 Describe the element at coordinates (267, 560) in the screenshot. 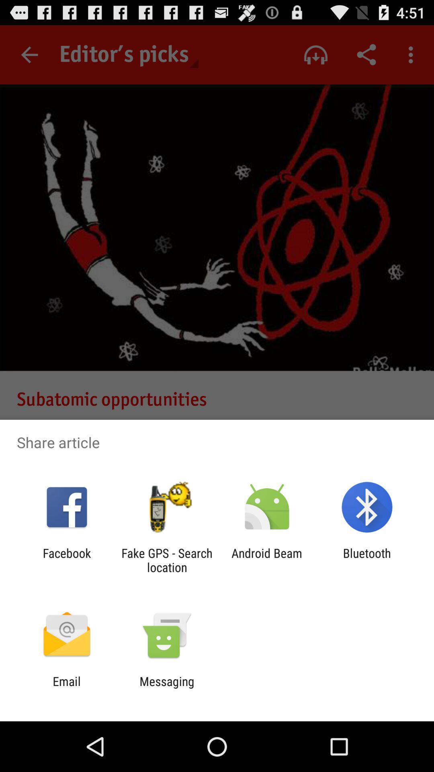

I see `icon to the left of the bluetooth icon` at that location.